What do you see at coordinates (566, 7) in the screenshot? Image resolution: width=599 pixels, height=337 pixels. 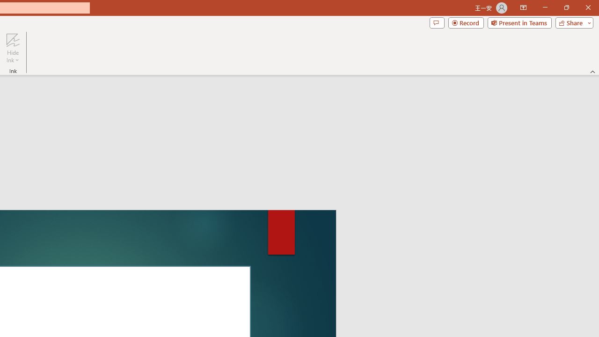 I see `'Restore Down'` at bounding box center [566, 7].